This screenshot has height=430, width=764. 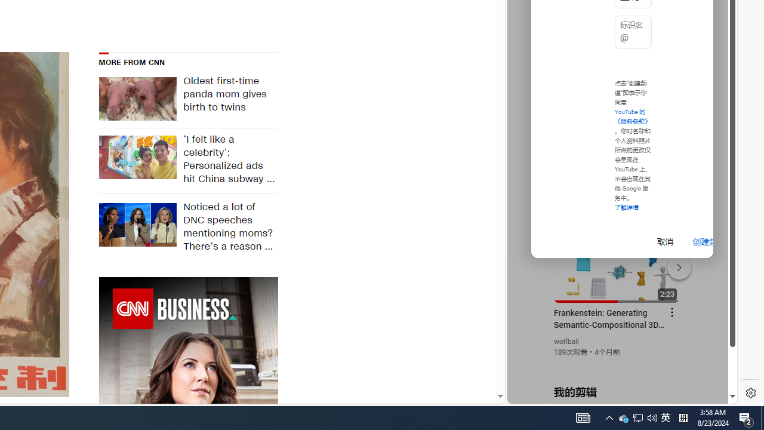 I want to click on 'Class: dict_pnIcon rms_img', so click(x=614, y=394).